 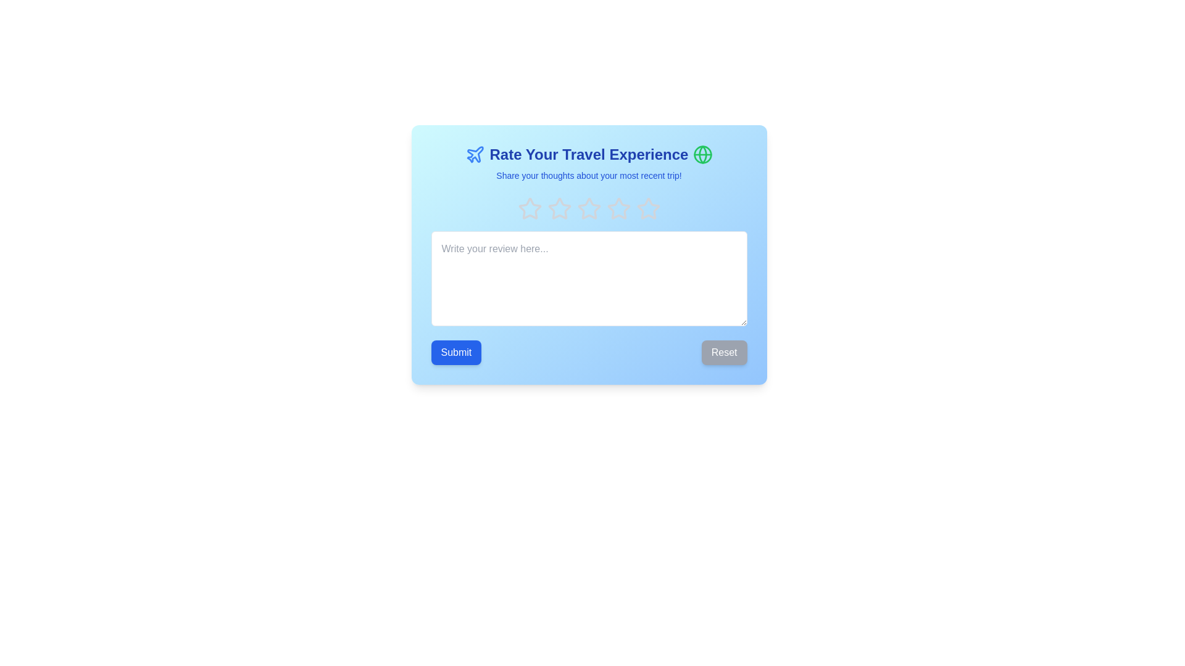 I want to click on the curved line of the globe symbol within the SVG graphic, located to the right of the 'Rate Your Travel Experience' heading, so click(x=703, y=154).